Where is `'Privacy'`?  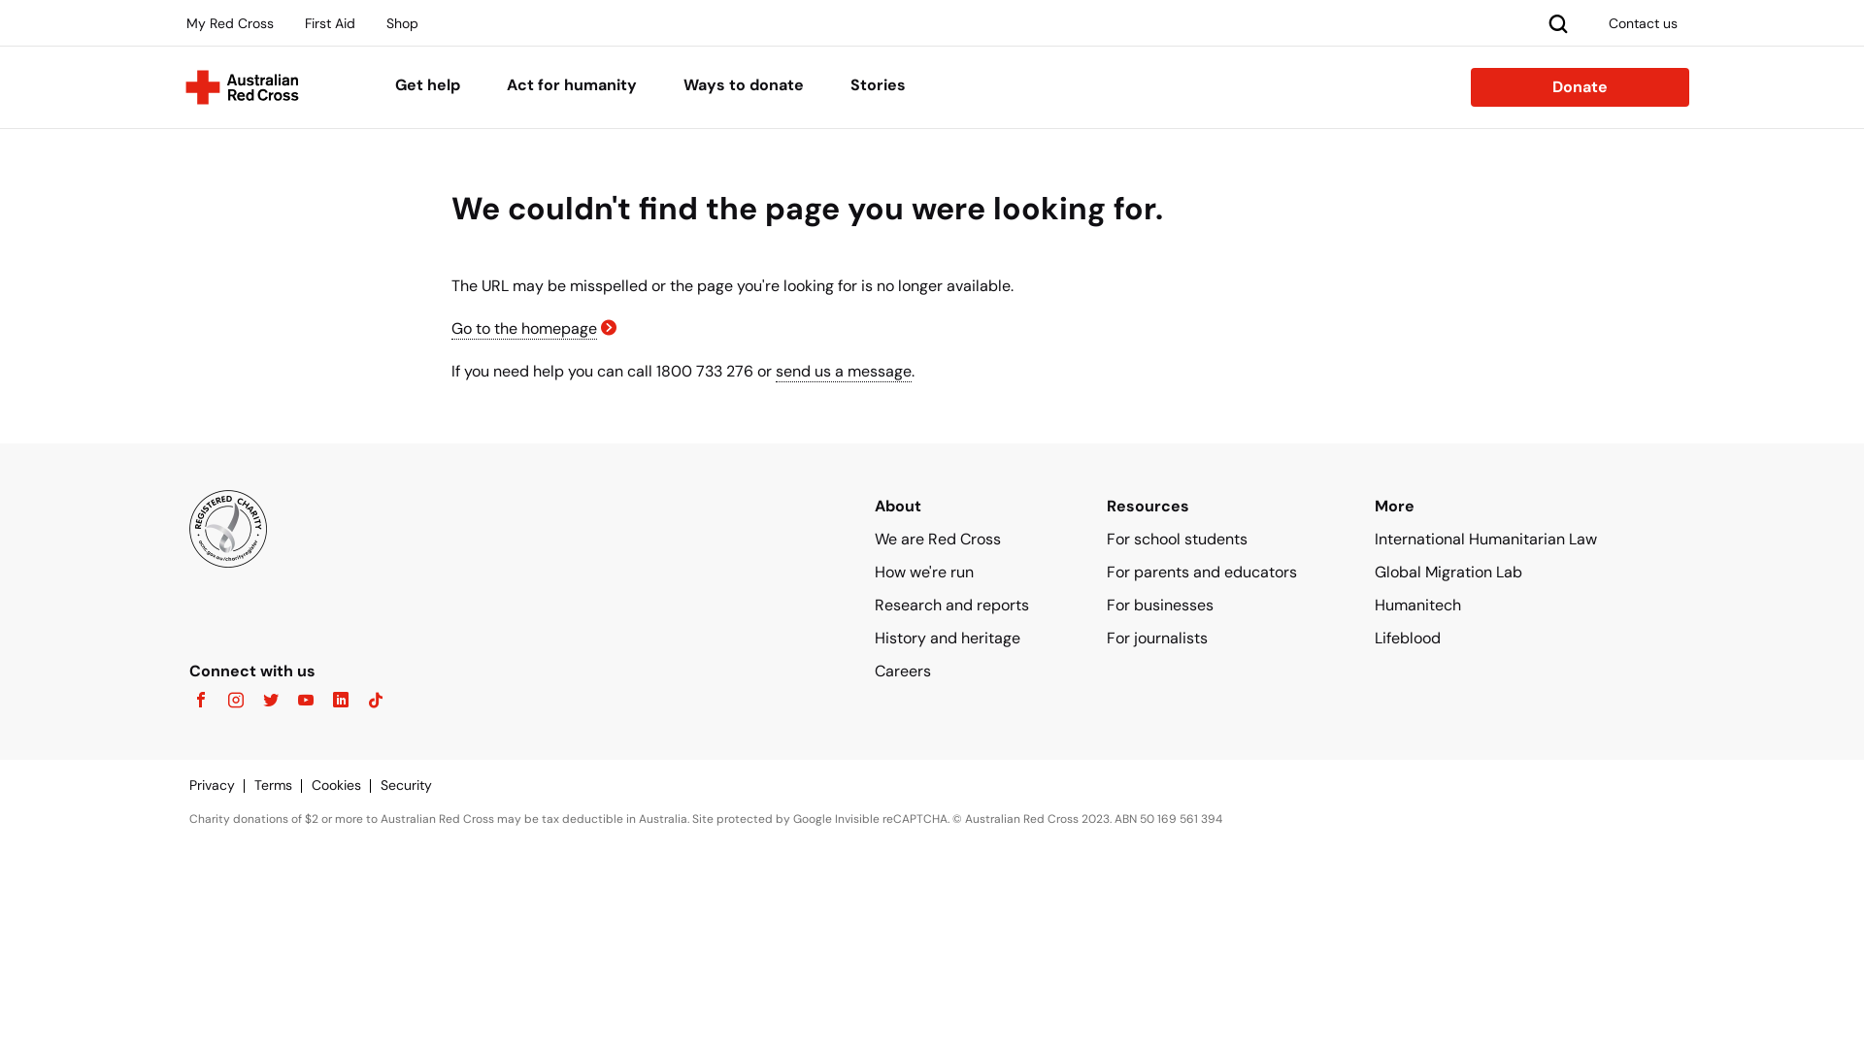 'Privacy' is located at coordinates (221, 784).